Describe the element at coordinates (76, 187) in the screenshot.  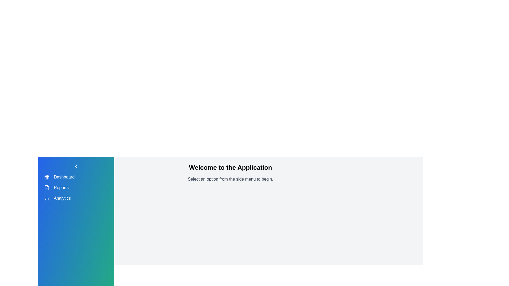
I see `the menu item Reports from the sidebar` at that location.